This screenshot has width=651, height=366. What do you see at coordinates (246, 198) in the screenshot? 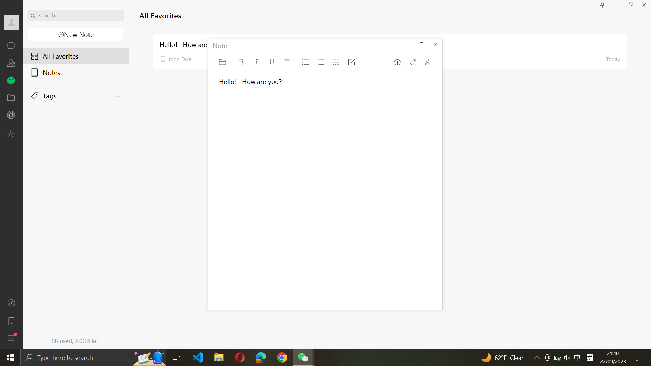
I see `Type "Greetings" in the current note and make the text bold` at bounding box center [246, 198].